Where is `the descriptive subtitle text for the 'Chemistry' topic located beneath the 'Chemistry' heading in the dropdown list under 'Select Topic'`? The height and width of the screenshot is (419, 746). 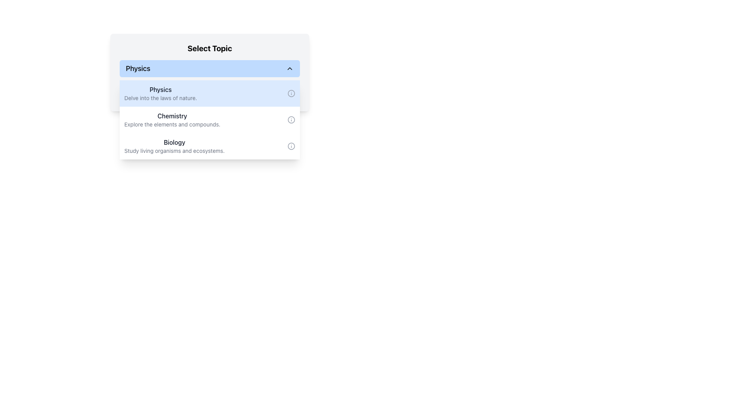 the descriptive subtitle text for the 'Chemistry' topic located beneath the 'Chemistry' heading in the dropdown list under 'Select Topic' is located at coordinates (172, 124).